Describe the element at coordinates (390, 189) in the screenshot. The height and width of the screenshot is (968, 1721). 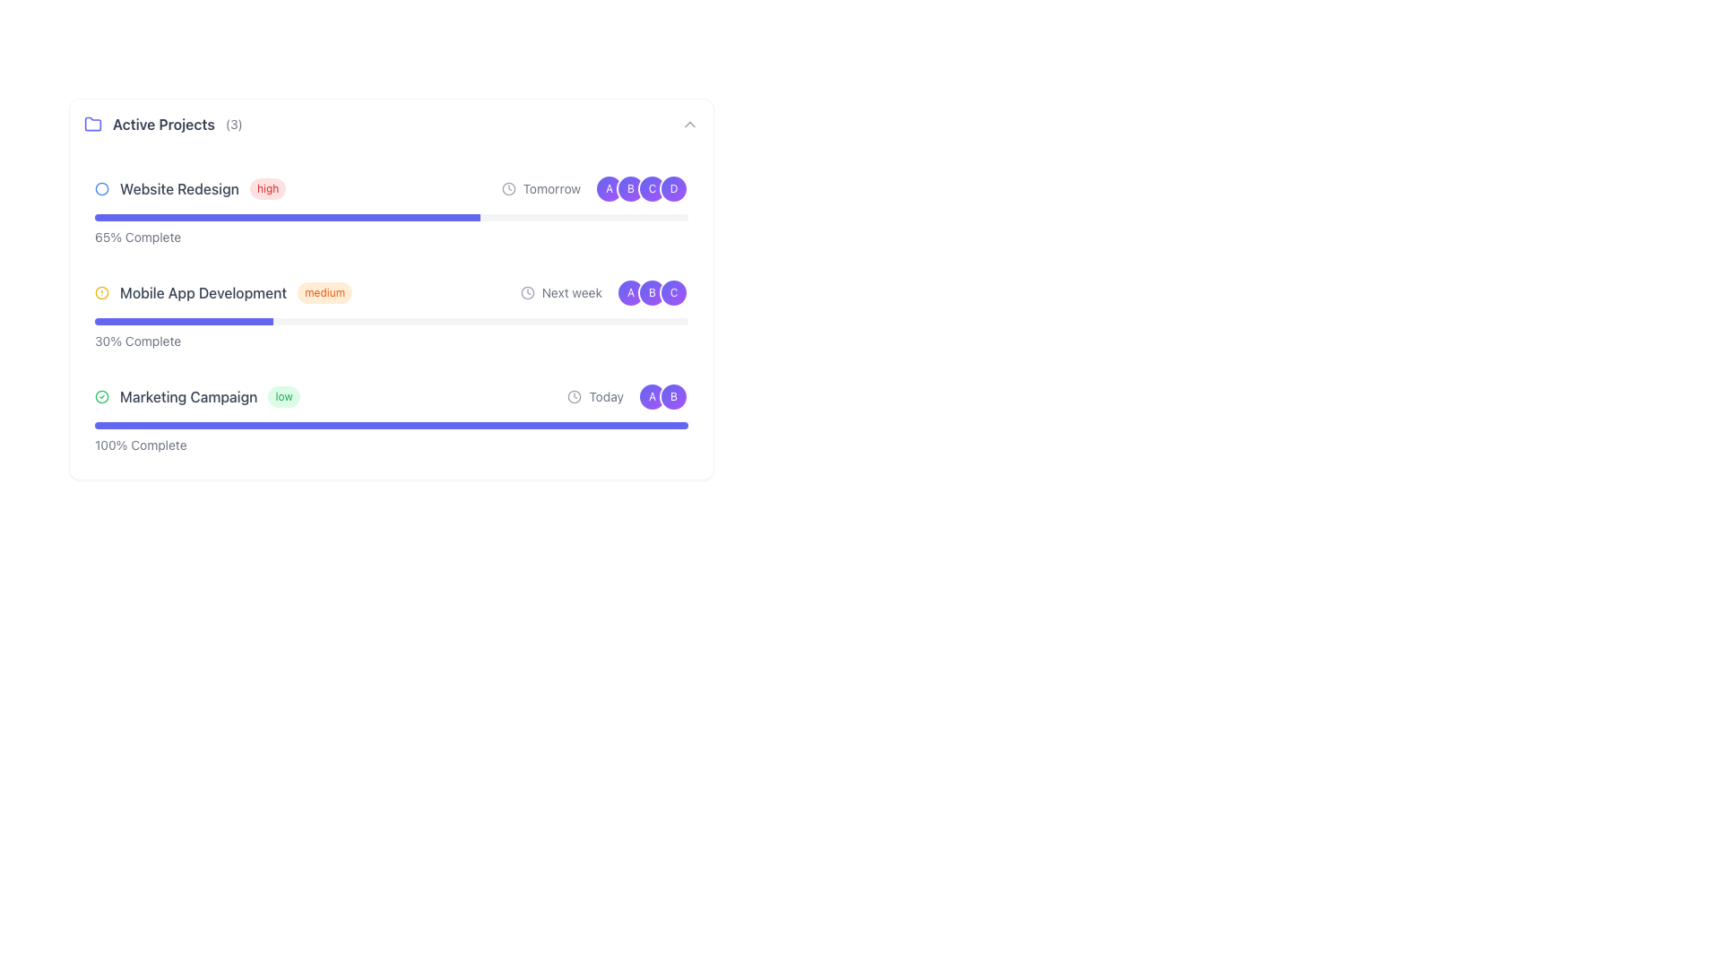
I see `details of the task represented by the List item row titled 'Website Redesign', which includes a red priority badge labeled 'high', a clock icon, and contributor initials` at that location.